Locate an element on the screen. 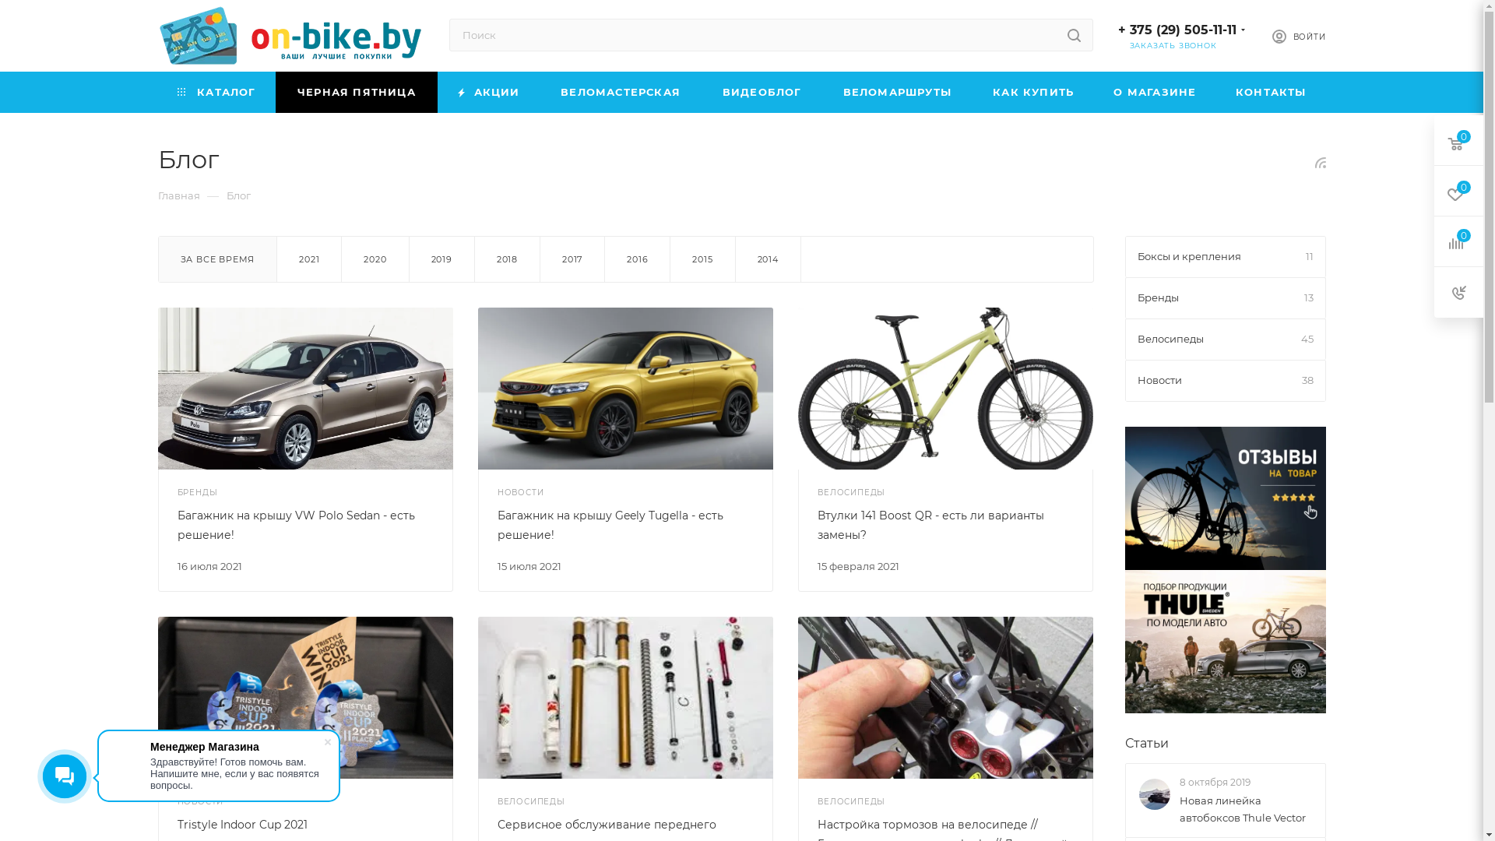 The width and height of the screenshot is (1495, 841). 'RSS' is located at coordinates (1314, 162).